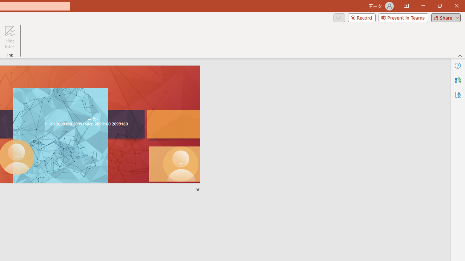 The width and height of the screenshot is (465, 261). I want to click on 'Minimize', so click(423, 6).